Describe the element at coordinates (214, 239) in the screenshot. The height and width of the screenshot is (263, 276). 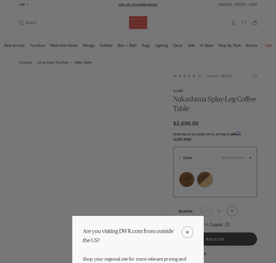
I see `'Add to Cart'` at that location.